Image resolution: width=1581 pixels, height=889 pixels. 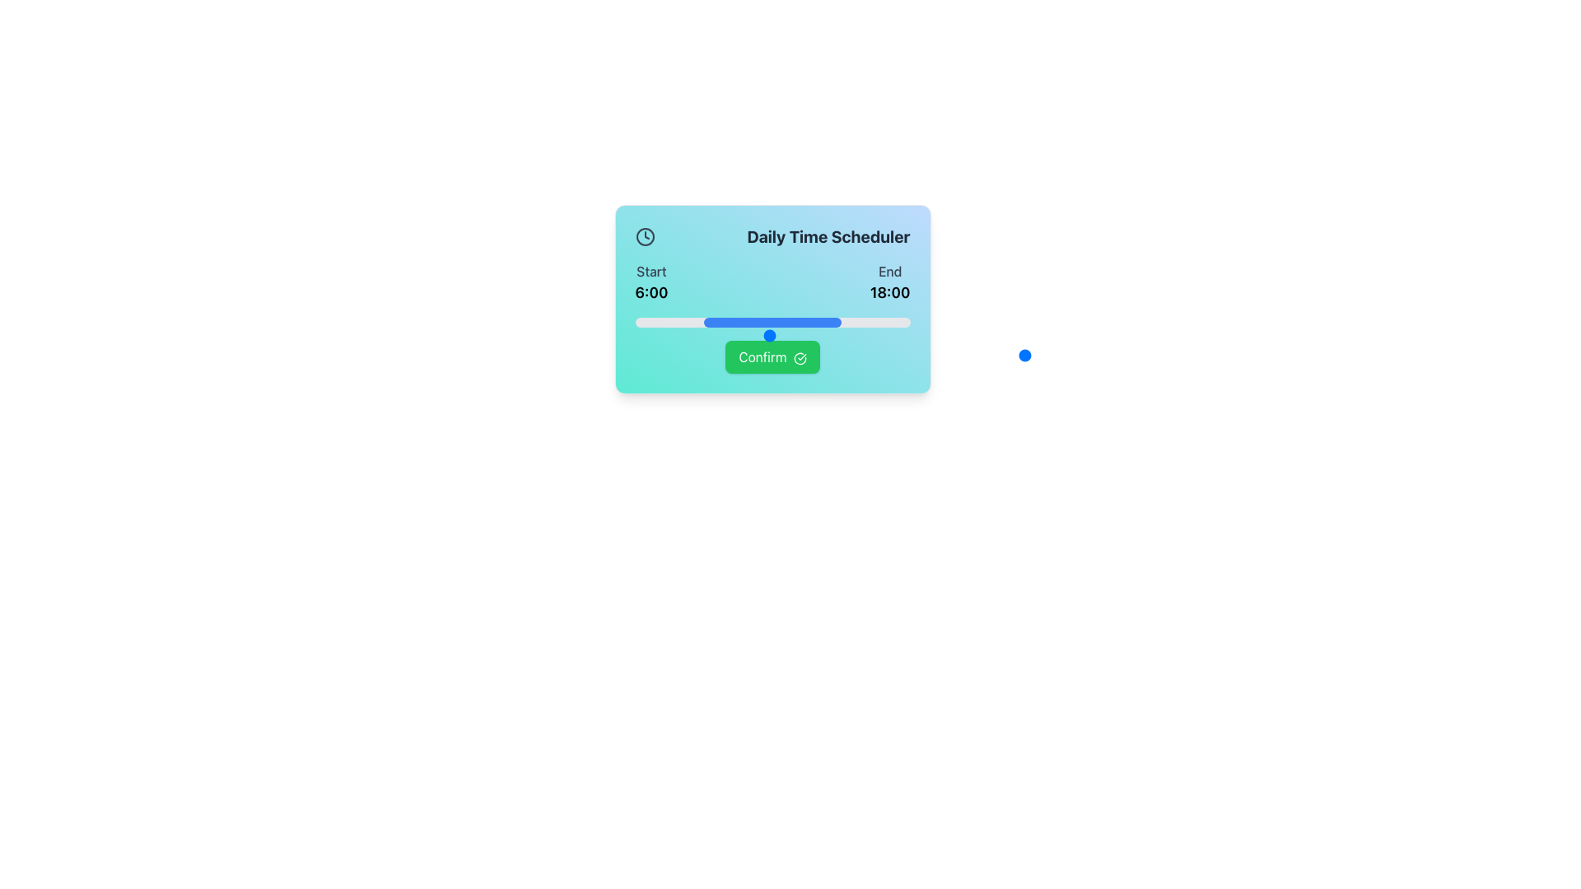 I want to click on the 'Start' text label, which is a medium-weight gray typography on a light blue background, positioned above the '6:00' text label in the dialog box, so click(x=651, y=271).